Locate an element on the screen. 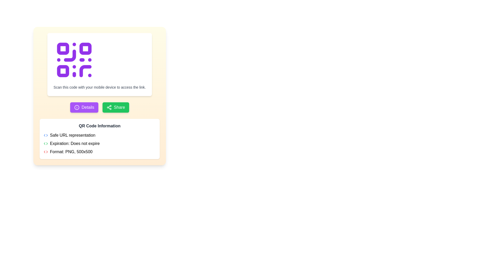 The image size is (497, 279). the non-interactive header text label located at the top inside the white box titled 'QR Code Information', which provides an informational heading for the section underneath is located at coordinates (99, 126).